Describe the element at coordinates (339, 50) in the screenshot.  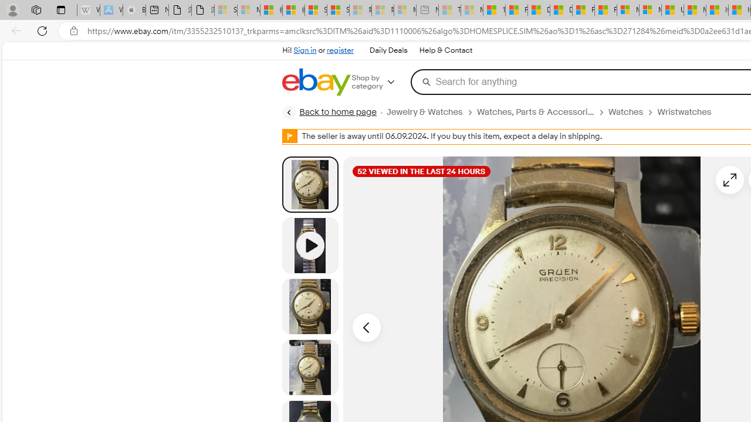
I see `'register'` at that location.